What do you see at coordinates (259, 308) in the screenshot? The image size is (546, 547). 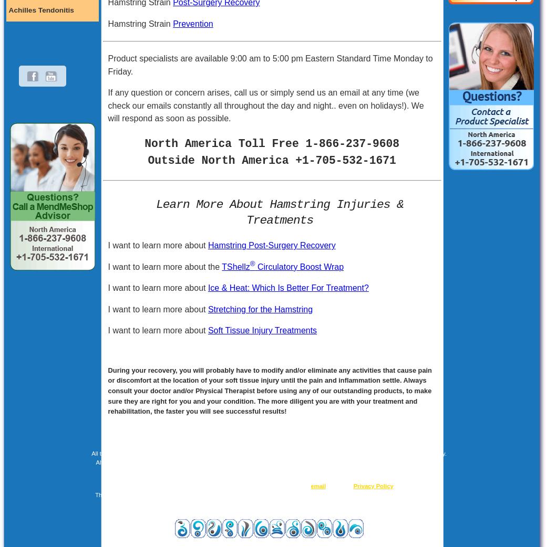 I see `'Stretching for the Hamstring'` at bounding box center [259, 308].